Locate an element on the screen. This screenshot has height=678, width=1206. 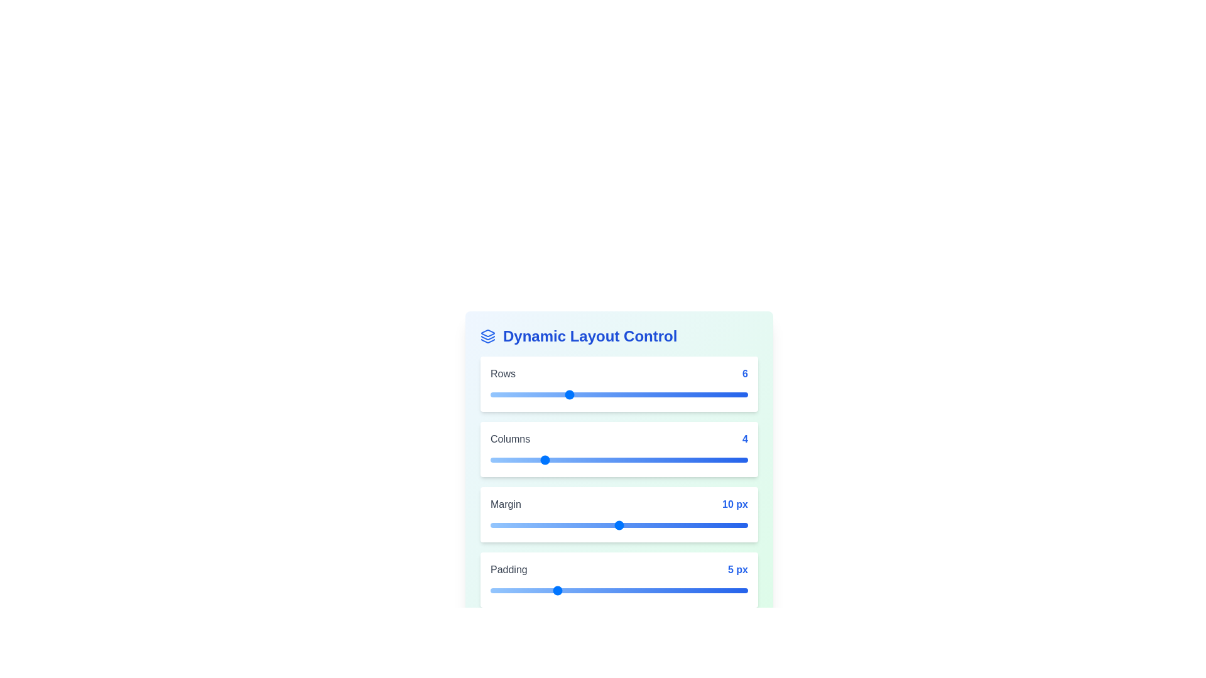
the 'Columns' slider to 3 is located at coordinates (529, 460).